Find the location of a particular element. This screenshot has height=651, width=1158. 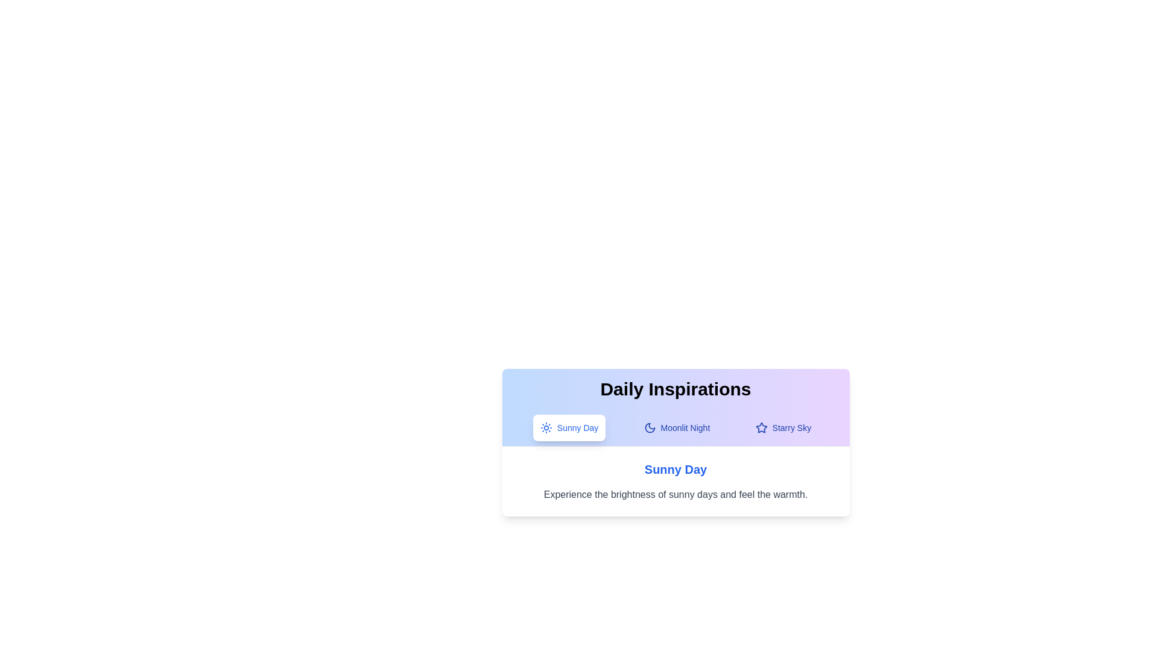

the tab Starry Sky by clicking its button is located at coordinates (783, 427).